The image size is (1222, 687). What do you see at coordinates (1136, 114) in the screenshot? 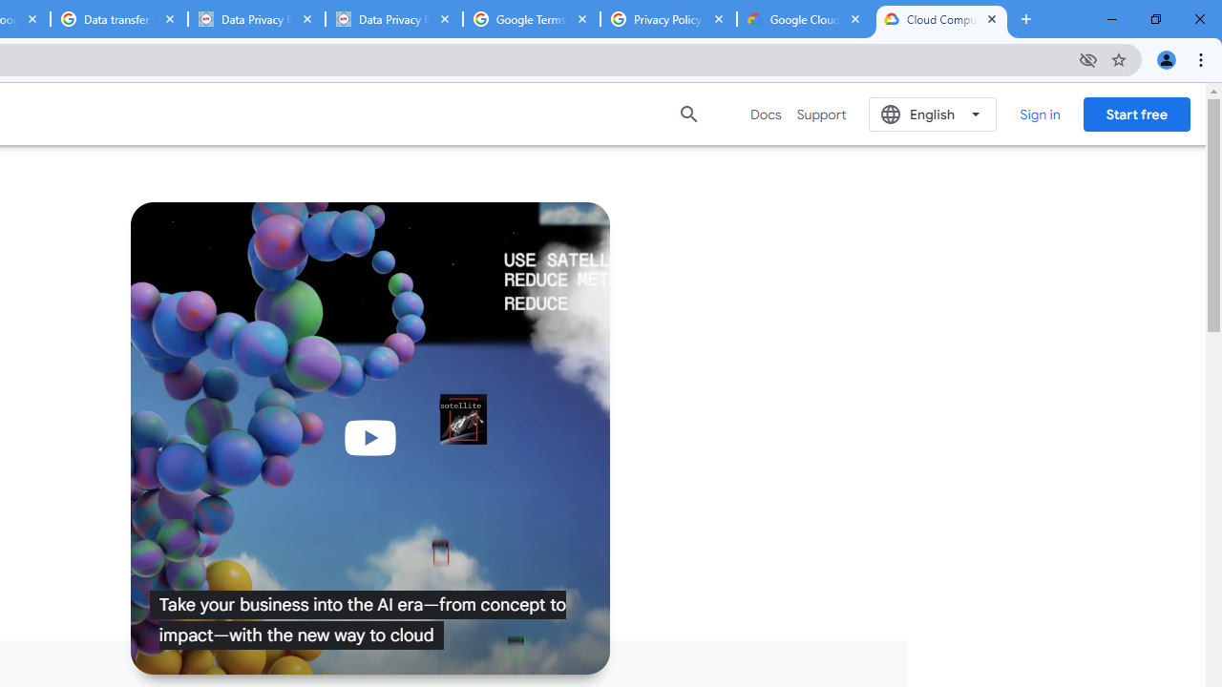
I see `'Start free'` at bounding box center [1136, 114].